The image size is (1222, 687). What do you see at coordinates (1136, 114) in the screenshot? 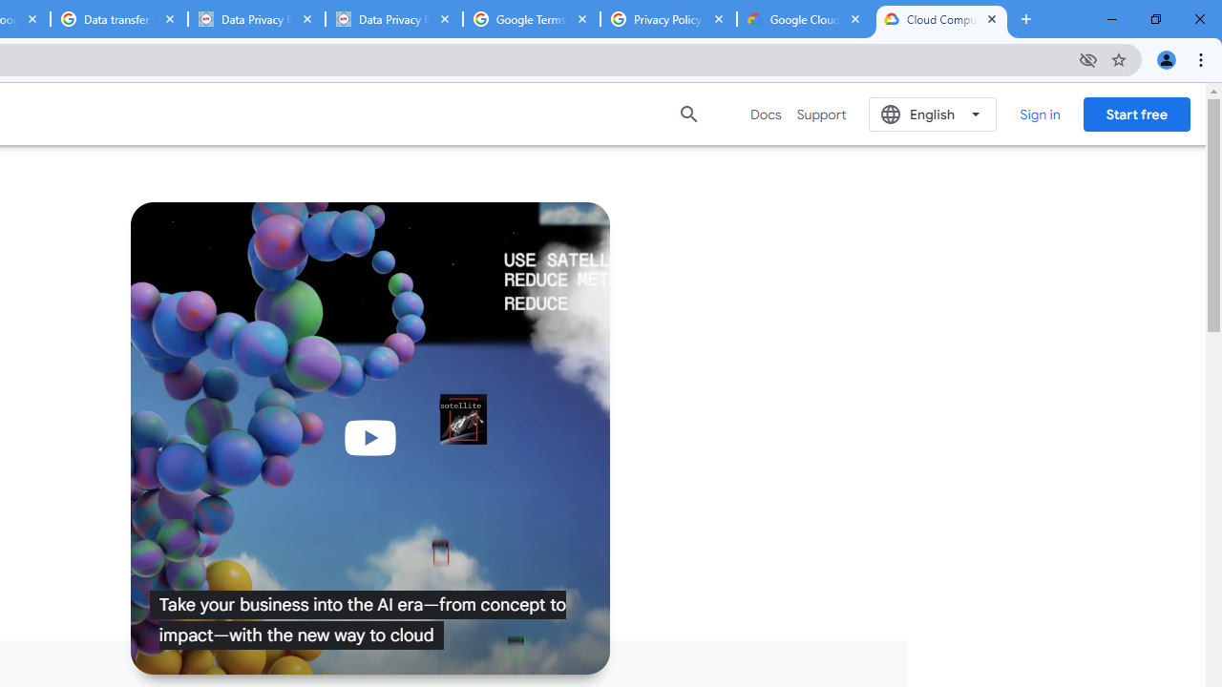
I see `'Start free'` at bounding box center [1136, 114].